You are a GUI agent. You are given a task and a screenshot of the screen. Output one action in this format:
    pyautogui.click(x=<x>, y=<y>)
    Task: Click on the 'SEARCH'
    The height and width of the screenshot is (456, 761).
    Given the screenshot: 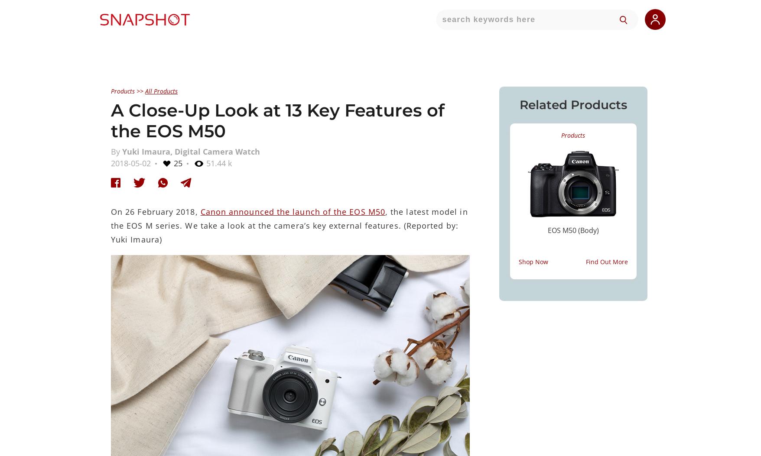 What is the action you would take?
    pyautogui.click(x=540, y=50)
    